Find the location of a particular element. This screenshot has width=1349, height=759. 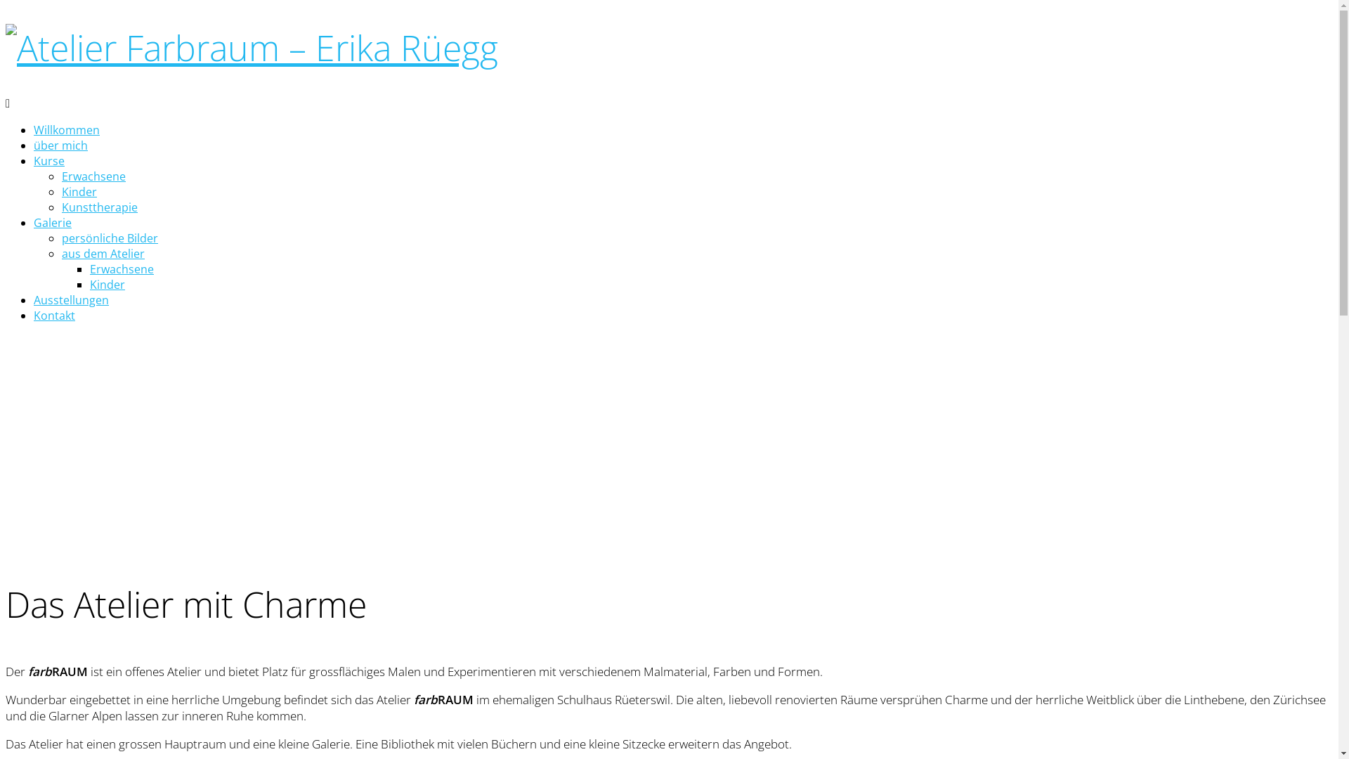

'Ausstellungen' is located at coordinates (70, 299).